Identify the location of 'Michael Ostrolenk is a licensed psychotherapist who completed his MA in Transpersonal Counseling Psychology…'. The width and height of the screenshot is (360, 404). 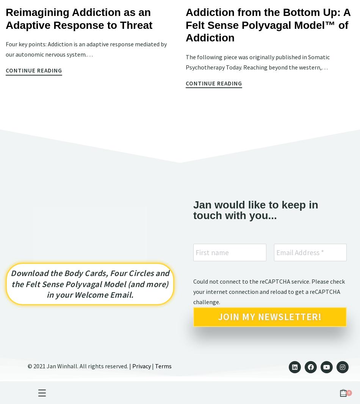
(268, 74).